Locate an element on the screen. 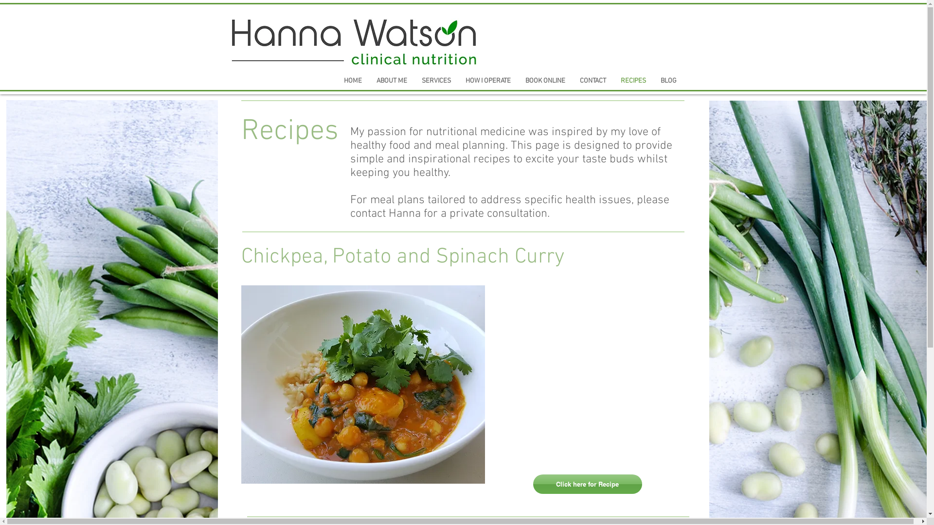 The width and height of the screenshot is (934, 525). 'CONTACT' is located at coordinates (592, 80).